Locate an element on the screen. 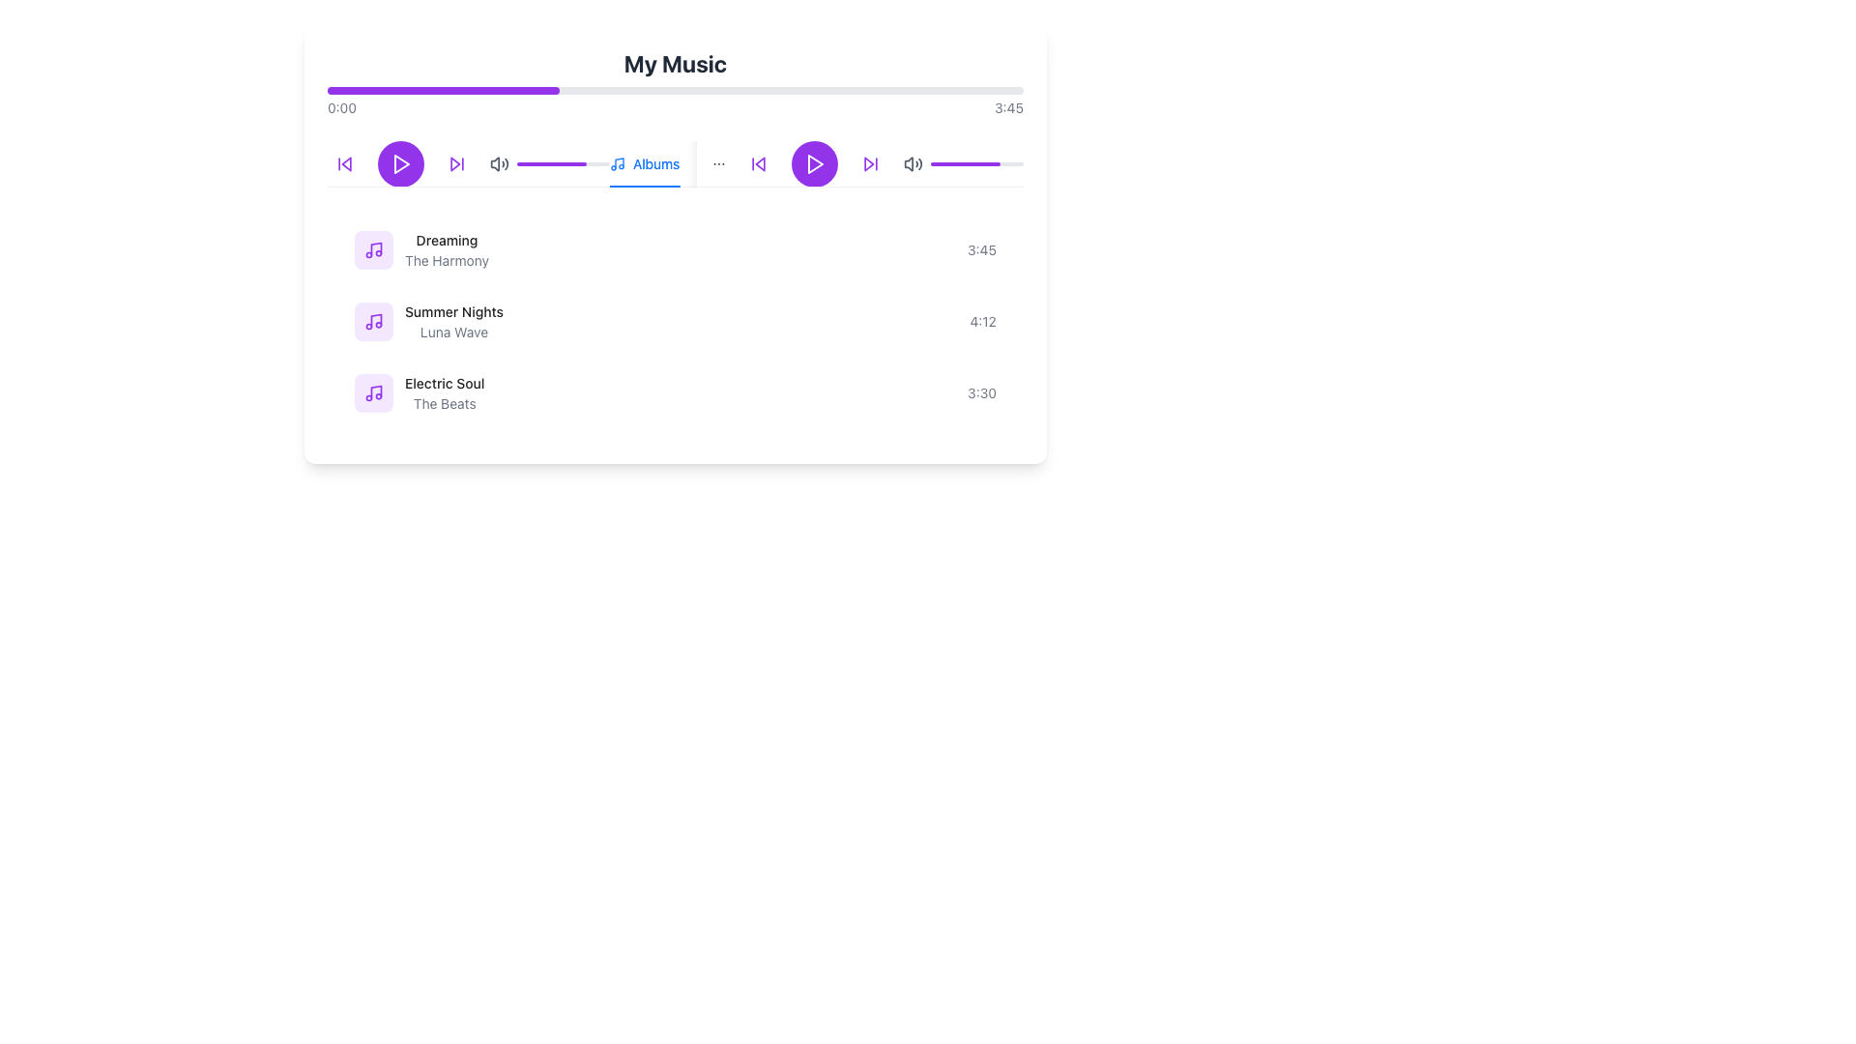 This screenshot has width=1856, height=1044. the progress value is located at coordinates (606, 162).